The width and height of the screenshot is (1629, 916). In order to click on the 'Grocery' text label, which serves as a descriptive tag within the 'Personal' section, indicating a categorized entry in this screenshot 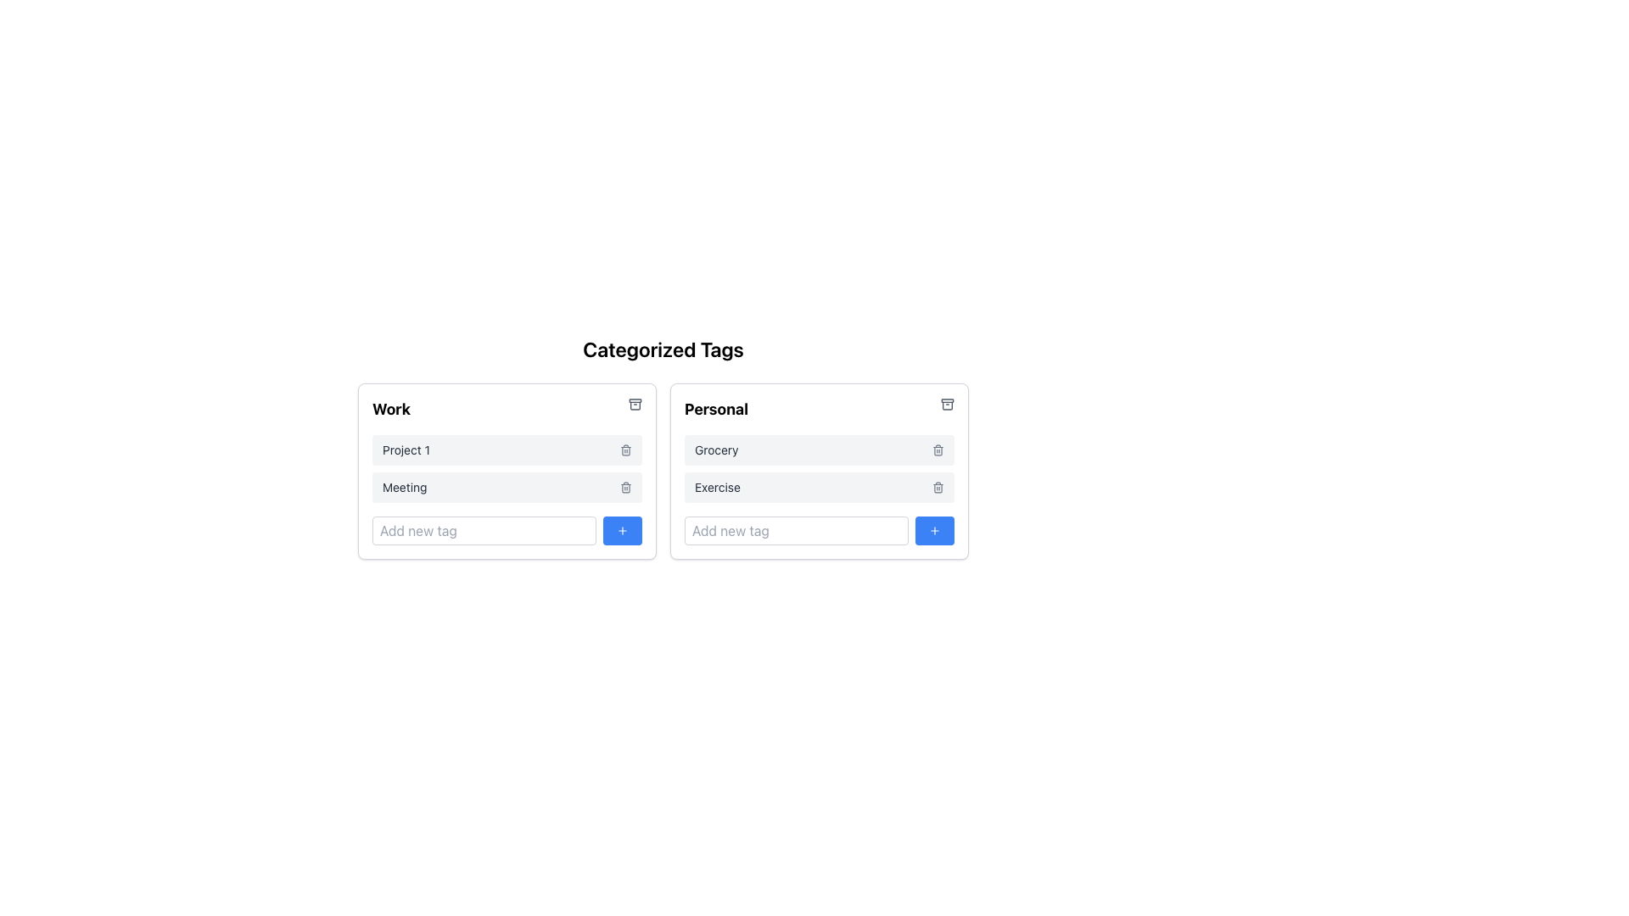, I will do `click(716, 450)`.